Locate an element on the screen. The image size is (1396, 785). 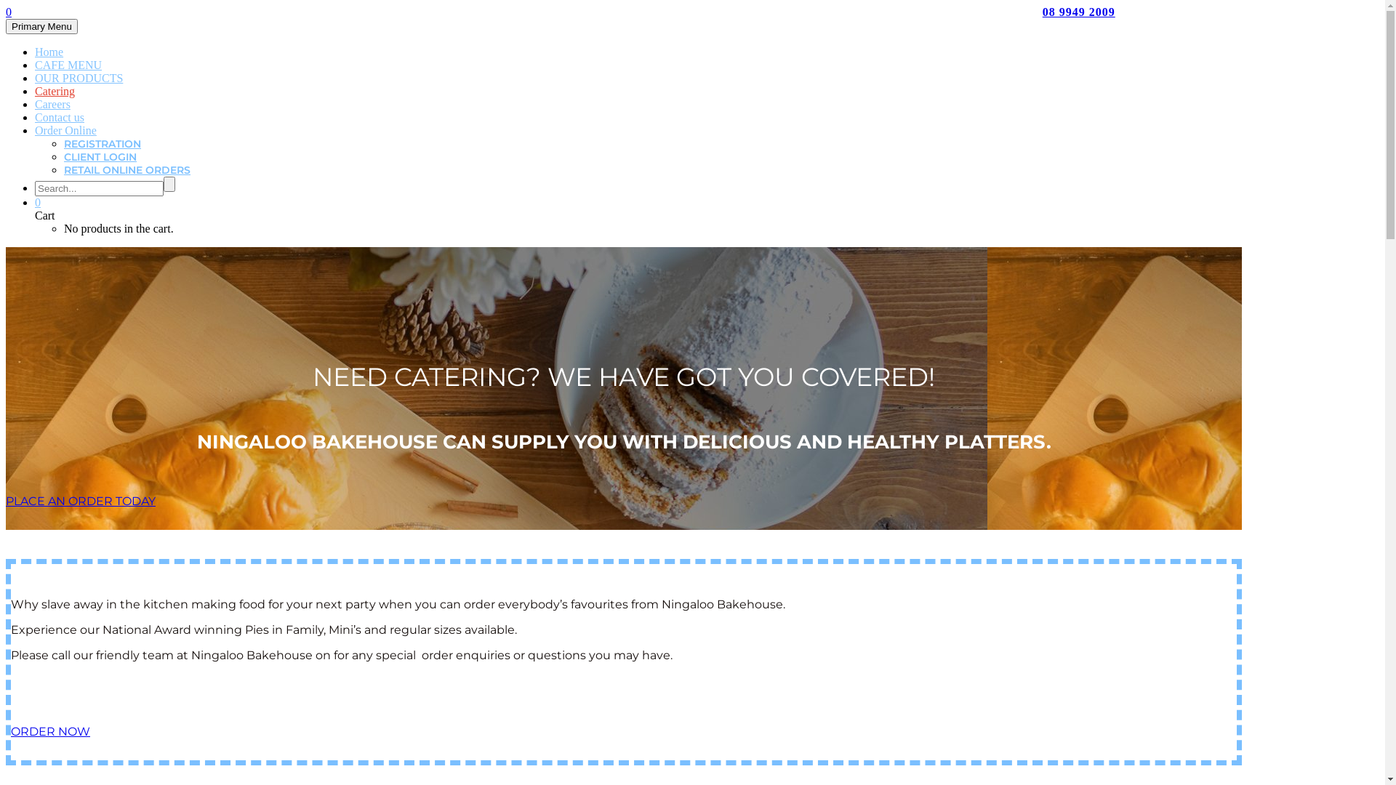
'REGISTRATION' is located at coordinates (63, 143).